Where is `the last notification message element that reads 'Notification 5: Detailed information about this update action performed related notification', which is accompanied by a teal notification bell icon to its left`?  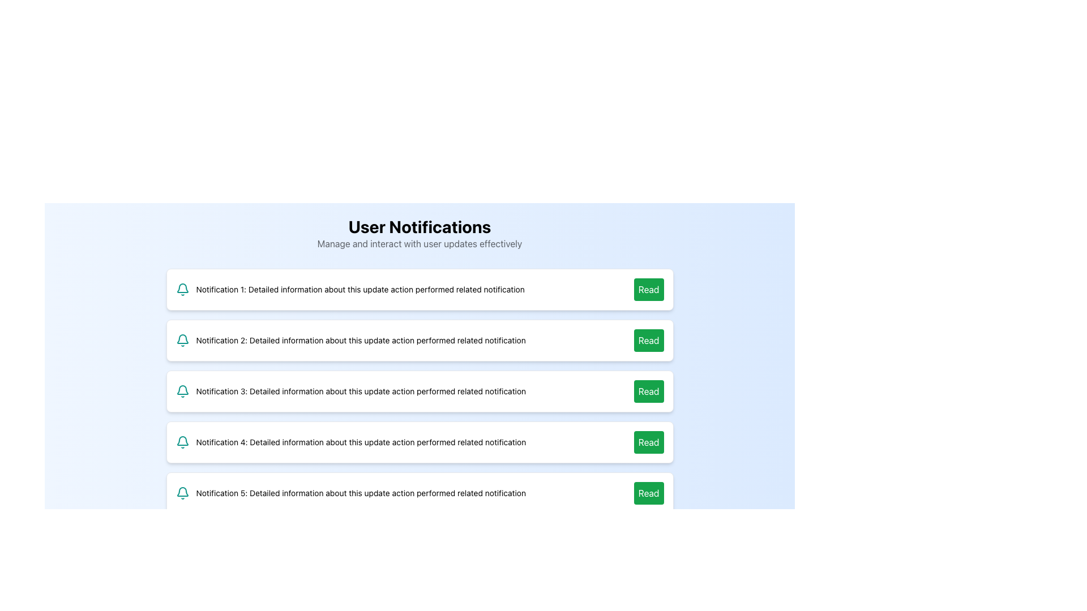 the last notification message element that reads 'Notification 5: Detailed information about this update action performed related notification', which is accompanied by a teal notification bell icon to its left is located at coordinates (350, 492).